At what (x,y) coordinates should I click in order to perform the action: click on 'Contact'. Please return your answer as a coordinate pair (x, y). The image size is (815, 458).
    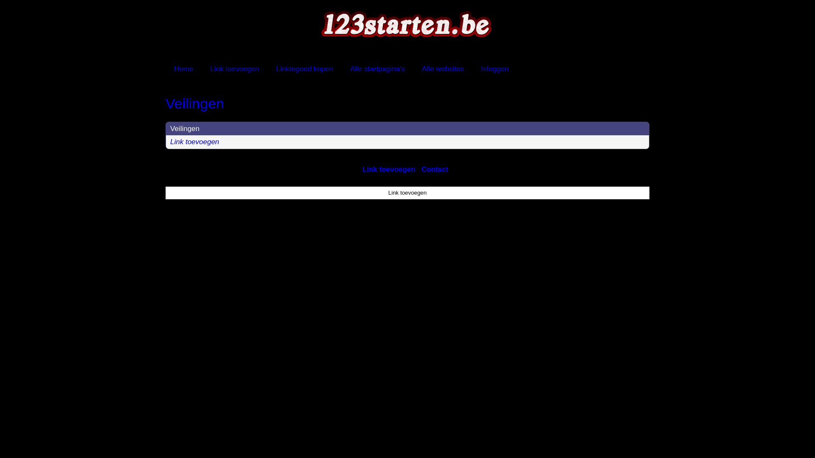
    Looking at the image, I should click on (435, 169).